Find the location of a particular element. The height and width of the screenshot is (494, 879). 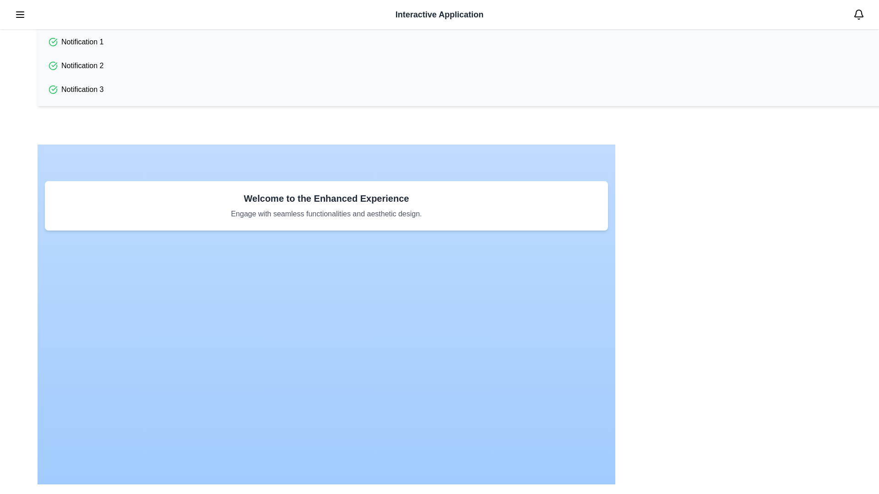

the menu button in the top-left corner is located at coordinates (20, 14).